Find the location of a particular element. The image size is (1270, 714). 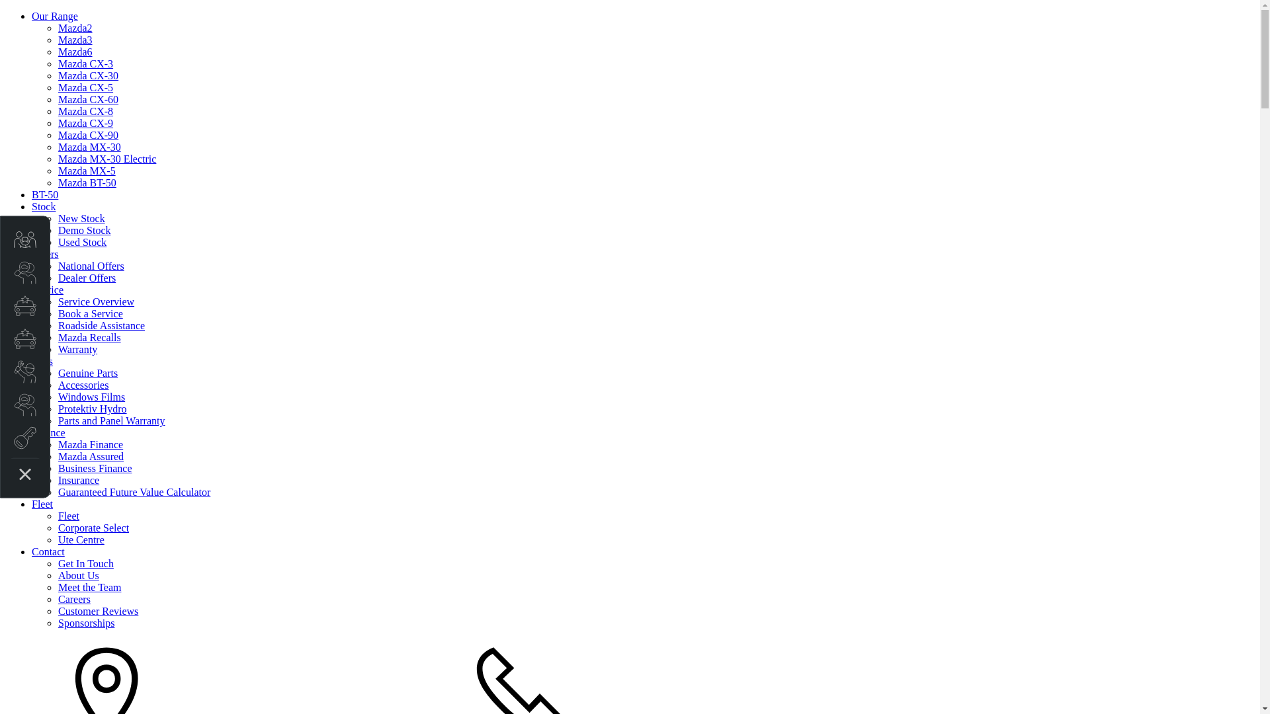

'Accessories' is located at coordinates (82, 385).